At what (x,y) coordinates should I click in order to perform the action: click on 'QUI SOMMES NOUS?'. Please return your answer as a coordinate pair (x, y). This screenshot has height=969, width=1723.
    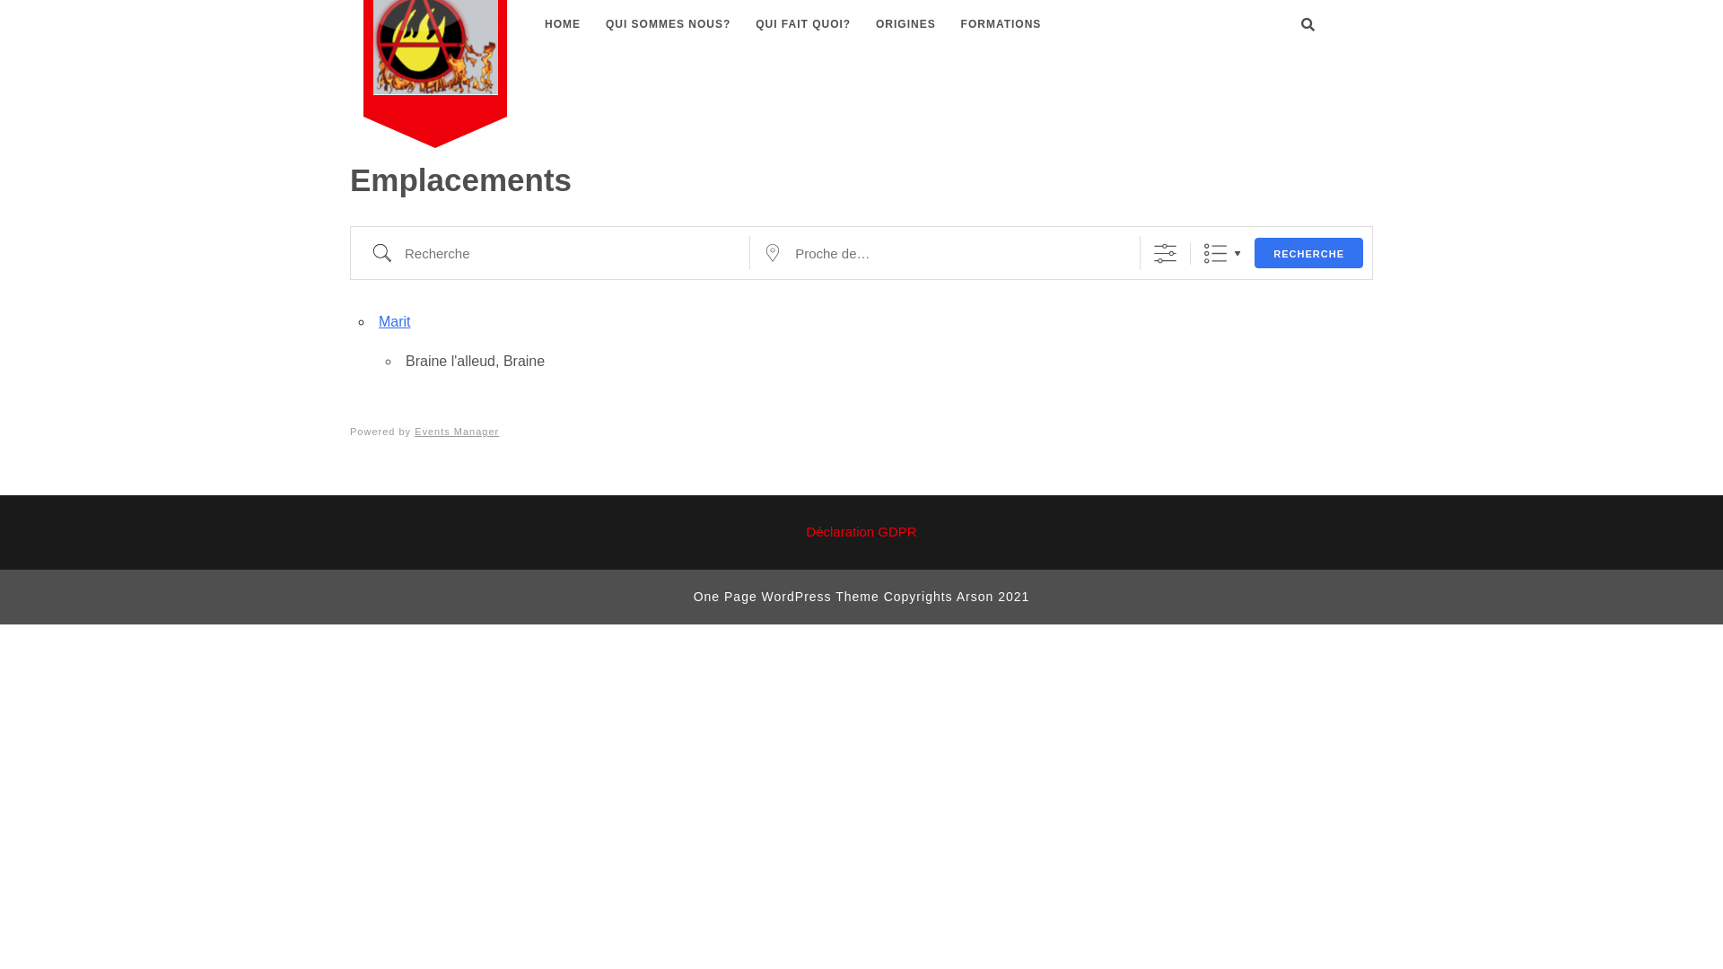
    Looking at the image, I should click on (594, 24).